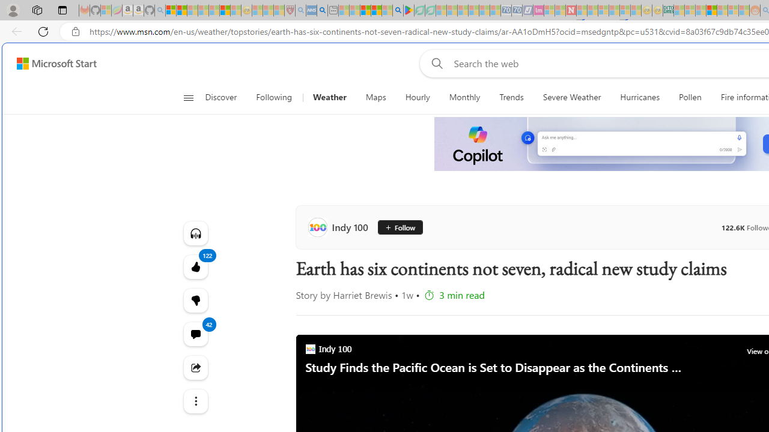  I want to click on 'Cheap Hotels - Save70.com - Sleeping', so click(517, 10).